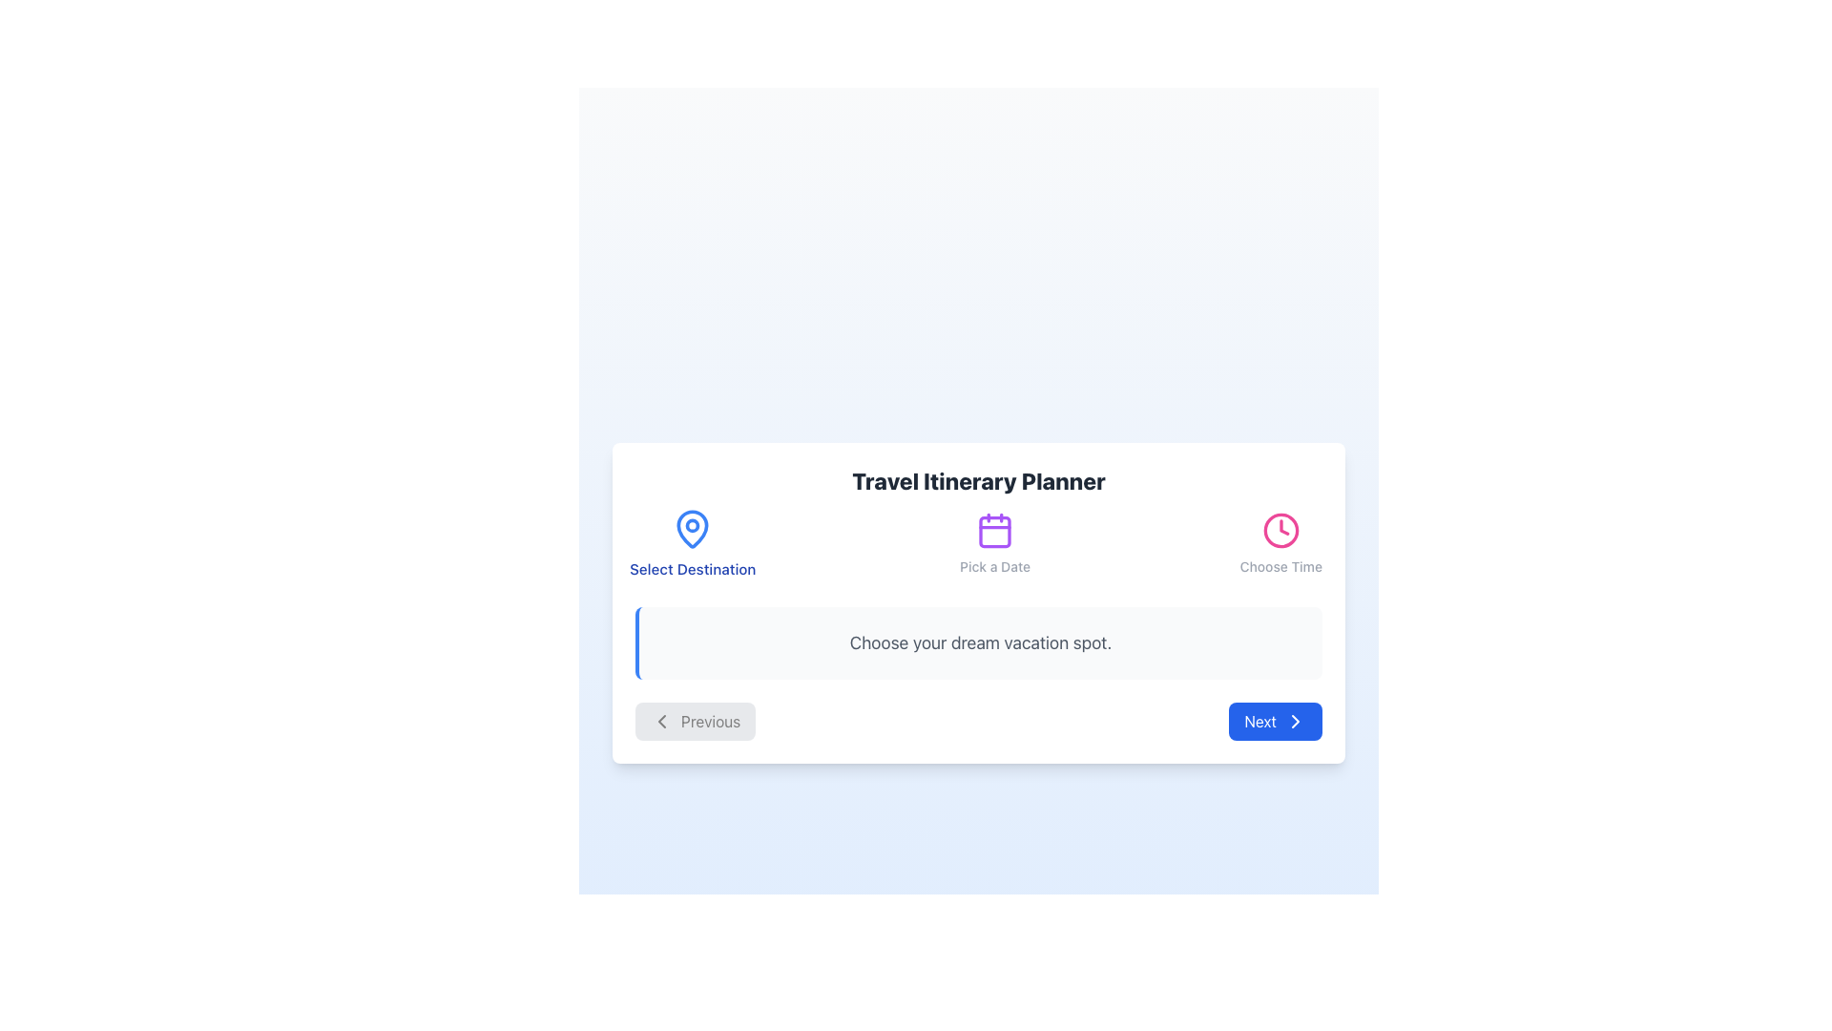 The width and height of the screenshot is (1832, 1031). Describe the element at coordinates (1296, 722) in the screenshot. I see `the chevron icon located at the rightmost end of the blue 'Next' button to proceed forward` at that location.